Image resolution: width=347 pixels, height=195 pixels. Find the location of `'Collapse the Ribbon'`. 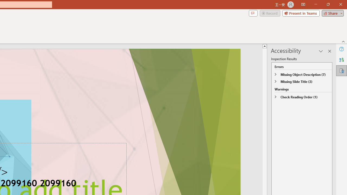

'Collapse the Ribbon' is located at coordinates (343, 41).